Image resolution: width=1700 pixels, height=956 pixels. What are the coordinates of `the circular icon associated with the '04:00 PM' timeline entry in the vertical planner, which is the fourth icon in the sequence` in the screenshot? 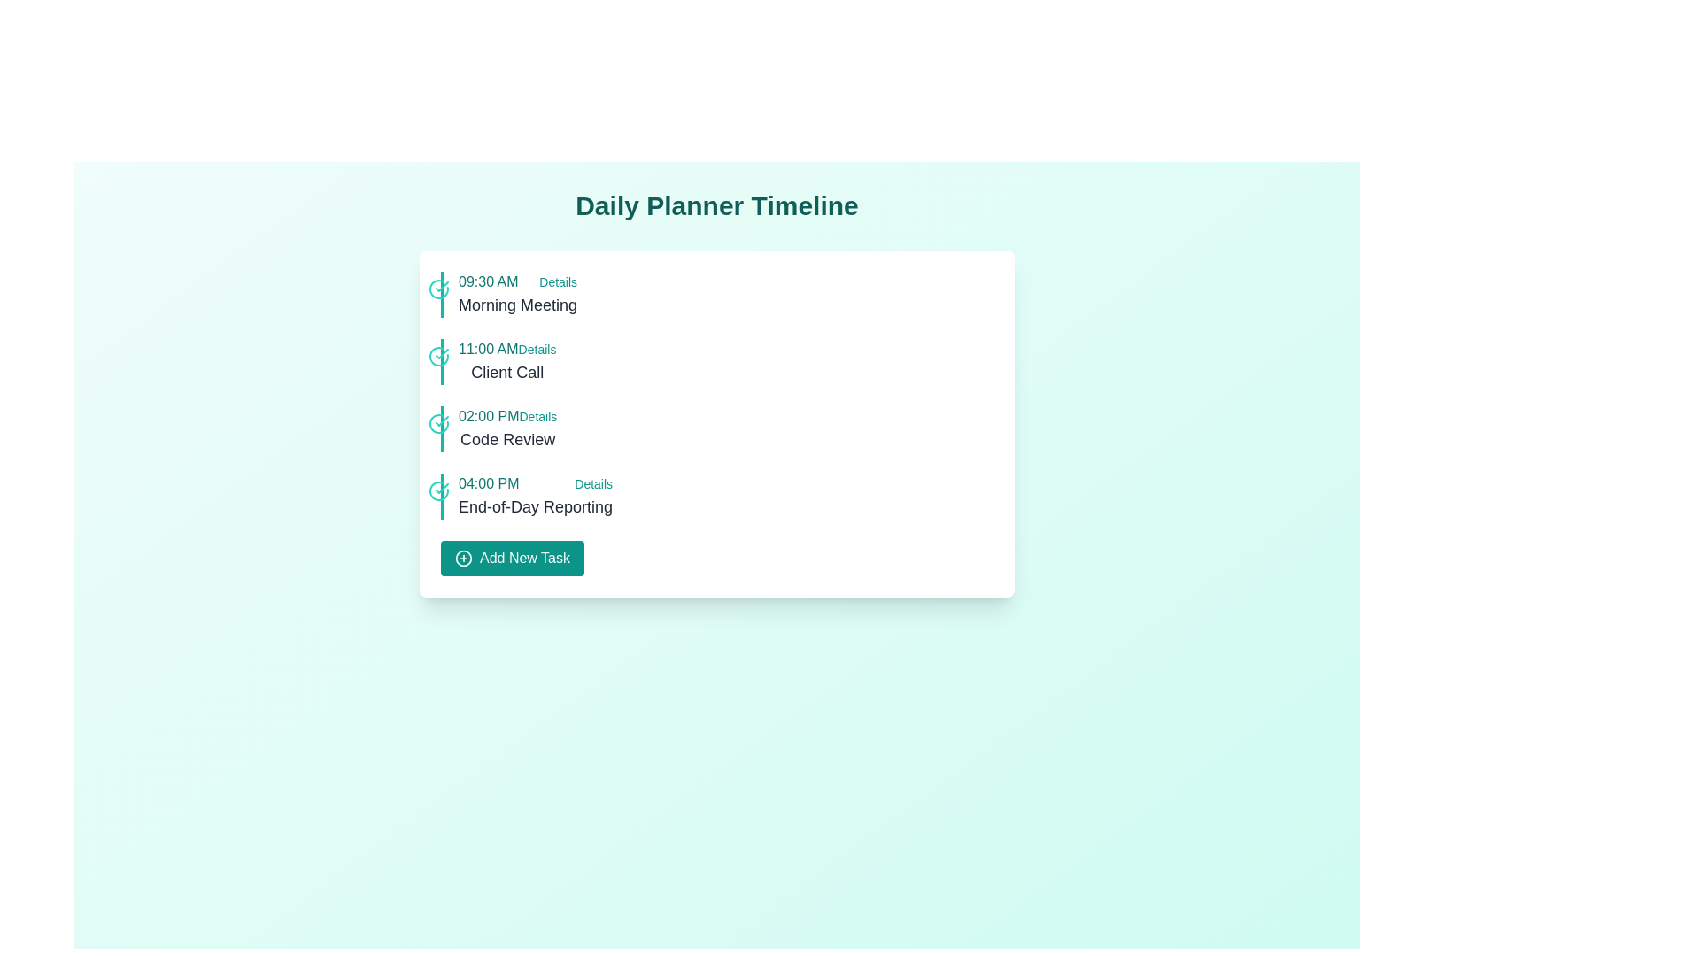 It's located at (438, 491).